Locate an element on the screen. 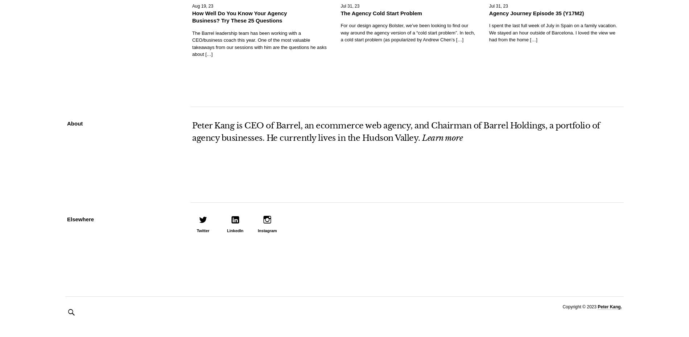  'Learn more' is located at coordinates (442, 137).